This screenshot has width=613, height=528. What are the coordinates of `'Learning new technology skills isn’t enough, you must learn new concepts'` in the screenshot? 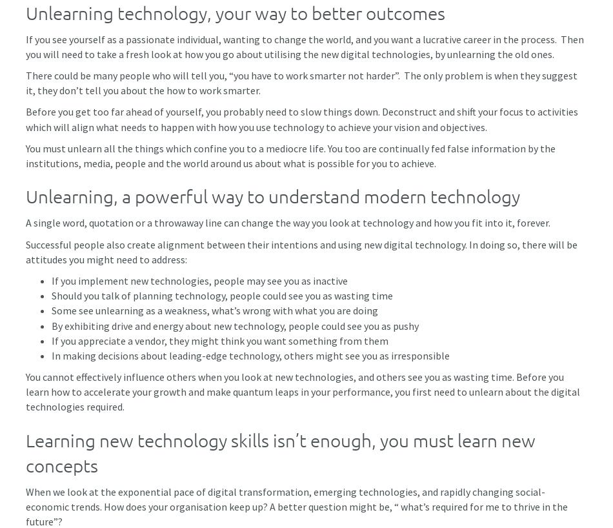 It's located at (280, 452).